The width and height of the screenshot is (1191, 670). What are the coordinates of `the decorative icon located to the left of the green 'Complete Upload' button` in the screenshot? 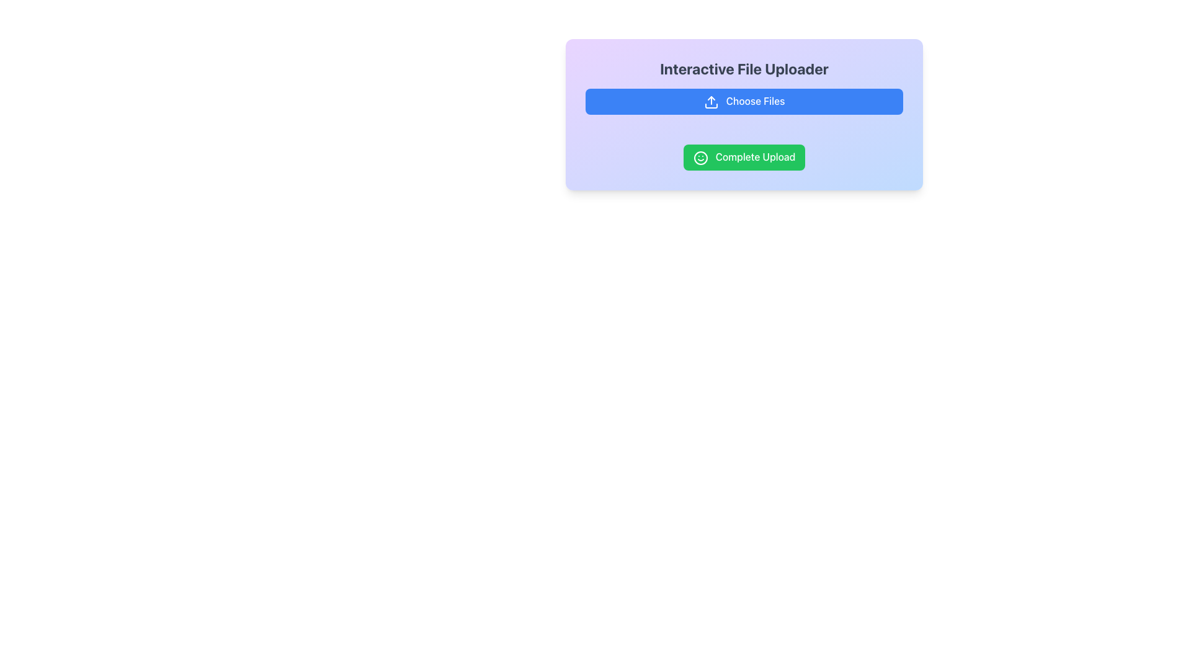 It's located at (700, 157).